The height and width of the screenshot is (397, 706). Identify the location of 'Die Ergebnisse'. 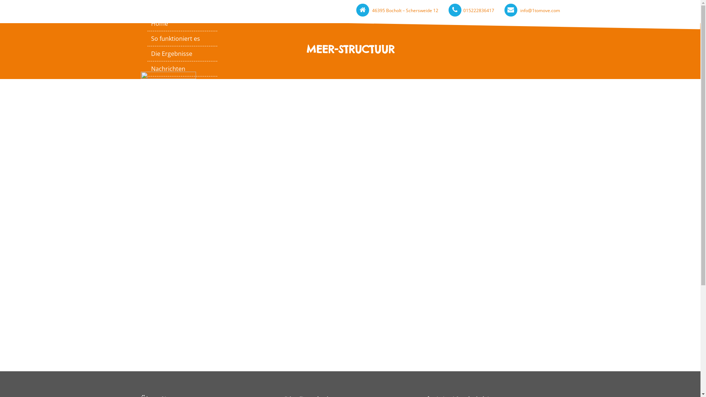
(182, 53).